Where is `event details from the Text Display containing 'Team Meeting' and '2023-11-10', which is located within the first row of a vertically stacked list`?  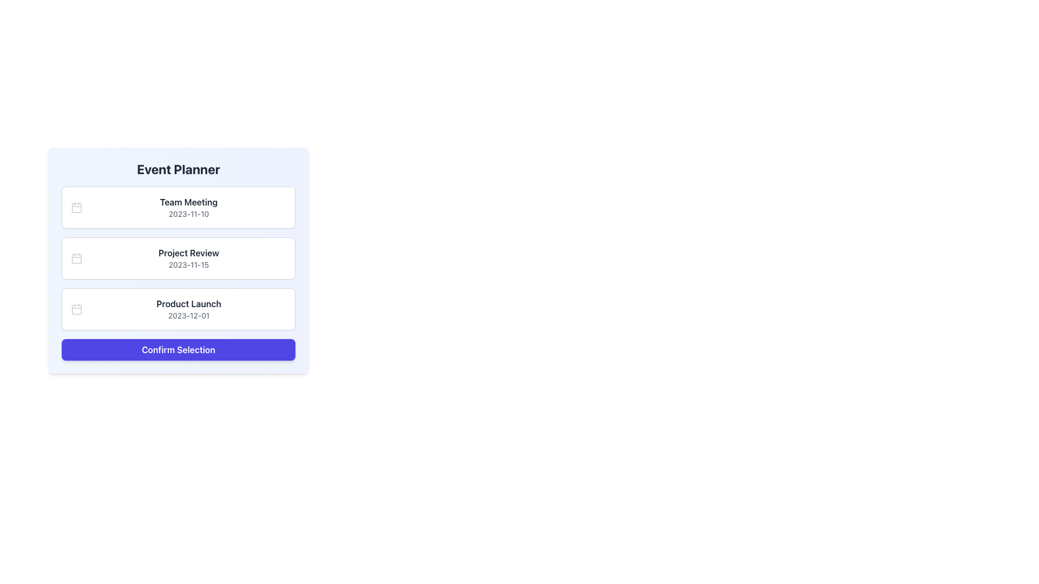
event details from the Text Display containing 'Team Meeting' and '2023-11-10', which is located within the first row of a vertically stacked list is located at coordinates (189, 208).